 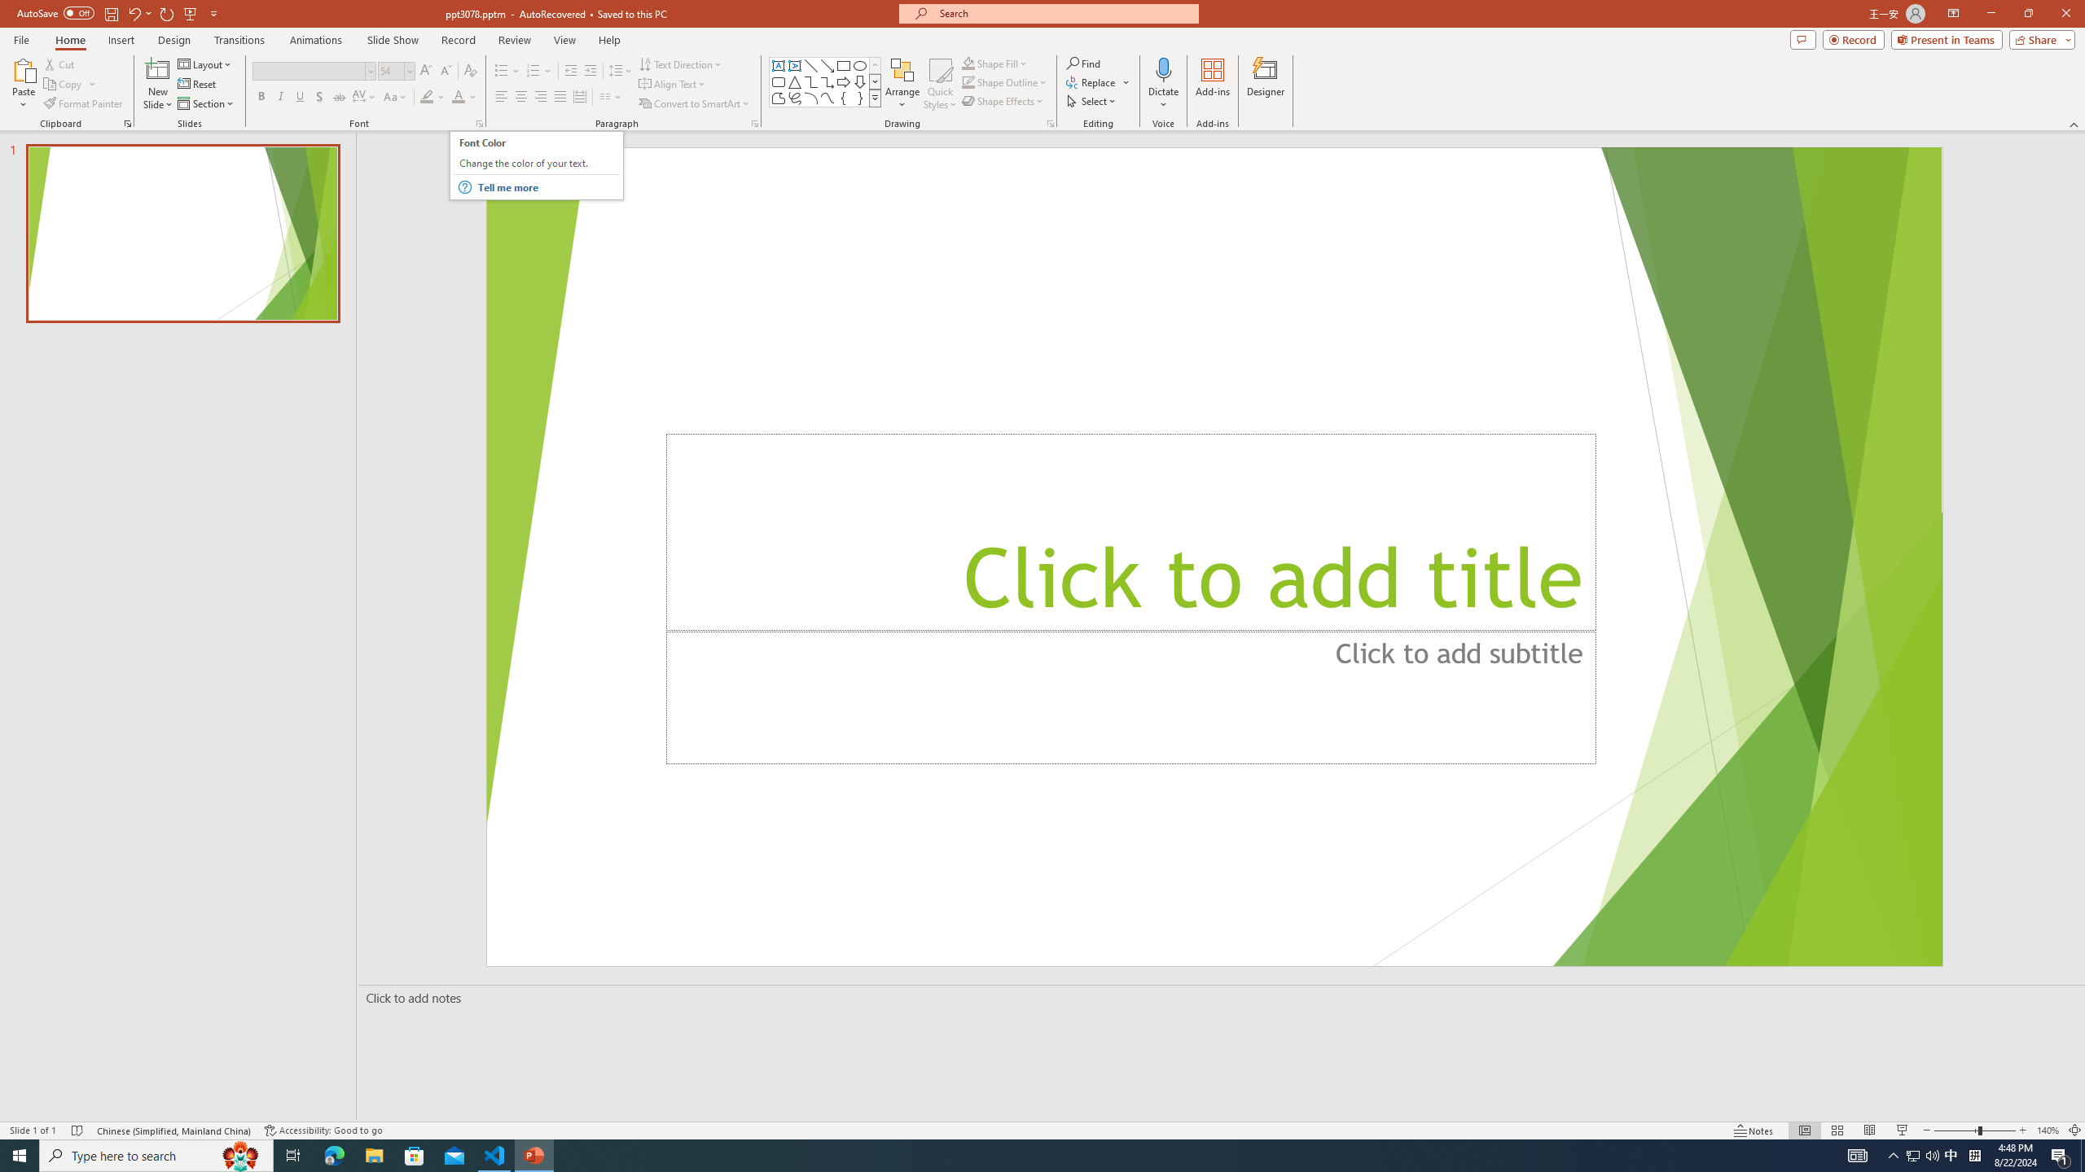 I want to click on 'Convert to SmartArt', so click(x=694, y=103).